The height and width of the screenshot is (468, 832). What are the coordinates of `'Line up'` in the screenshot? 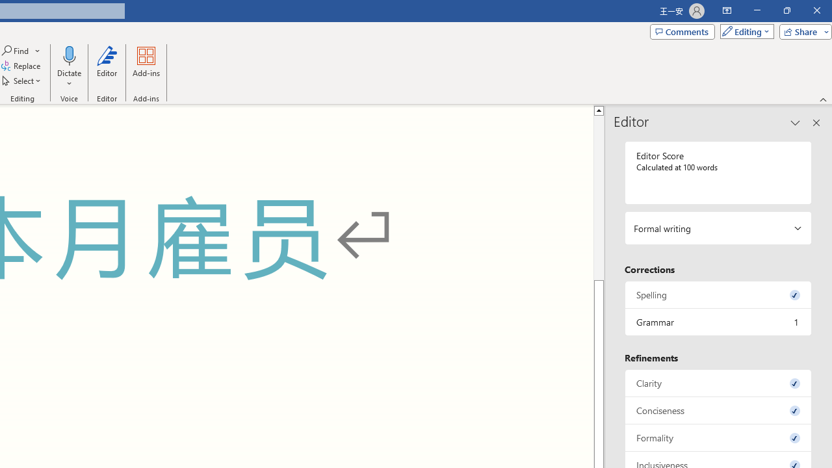 It's located at (598, 109).